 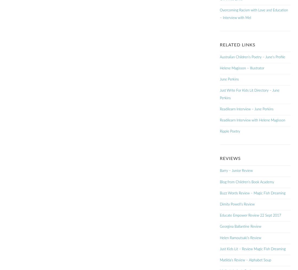 What do you see at coordinates (236, 171) in the screenshot?
I see `'Barry – Junior Review'` at bounding box center [236, 171].